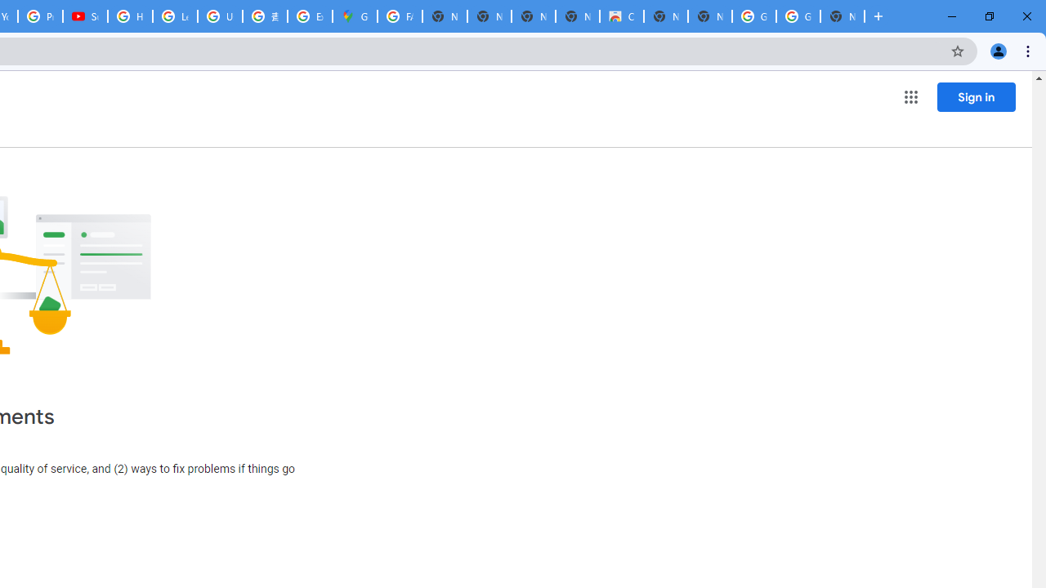  What do you see at coordinates (620, 16) in the screenshot?
I see `'Chrome Web Store'` at bounding box center [620, 16].